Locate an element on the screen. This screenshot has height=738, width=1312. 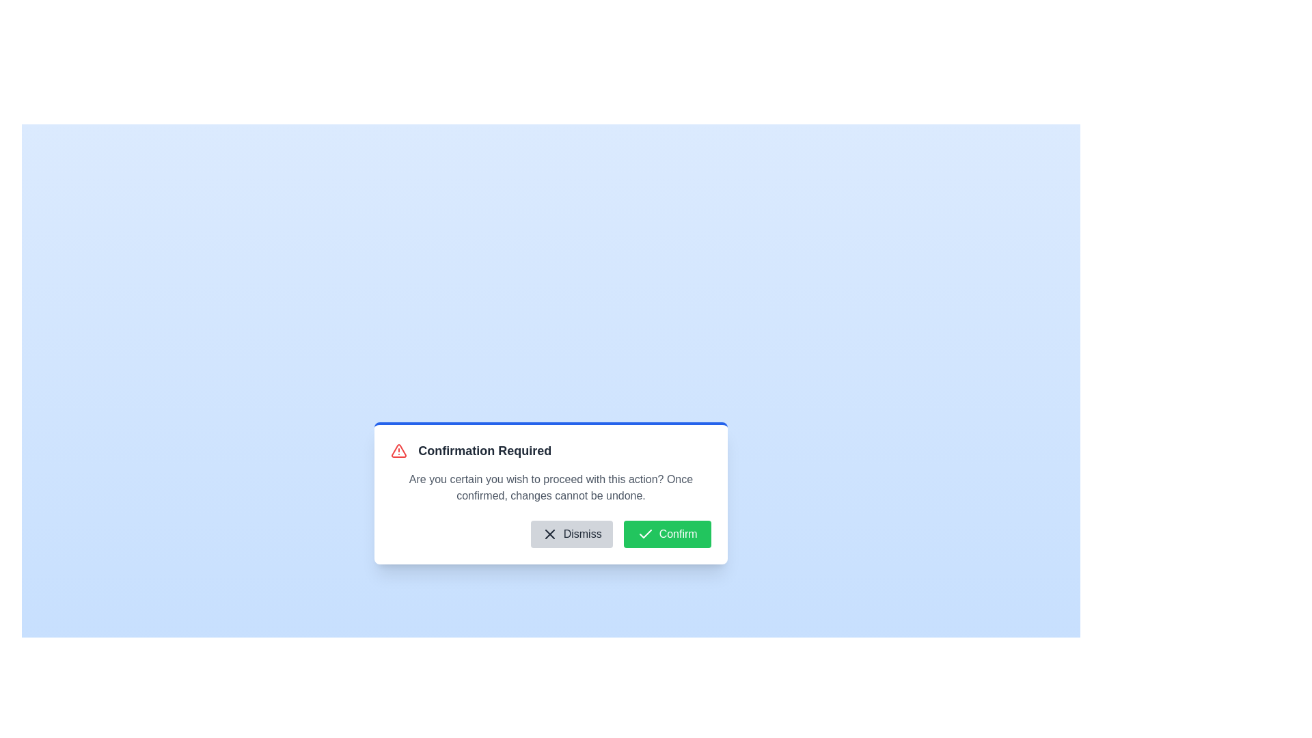
the alert icon located at the top-left corner of the 'Confirmation Required' dialog box, which serves as a visual indicator for important content or actions is located at coordinates (398, 450).